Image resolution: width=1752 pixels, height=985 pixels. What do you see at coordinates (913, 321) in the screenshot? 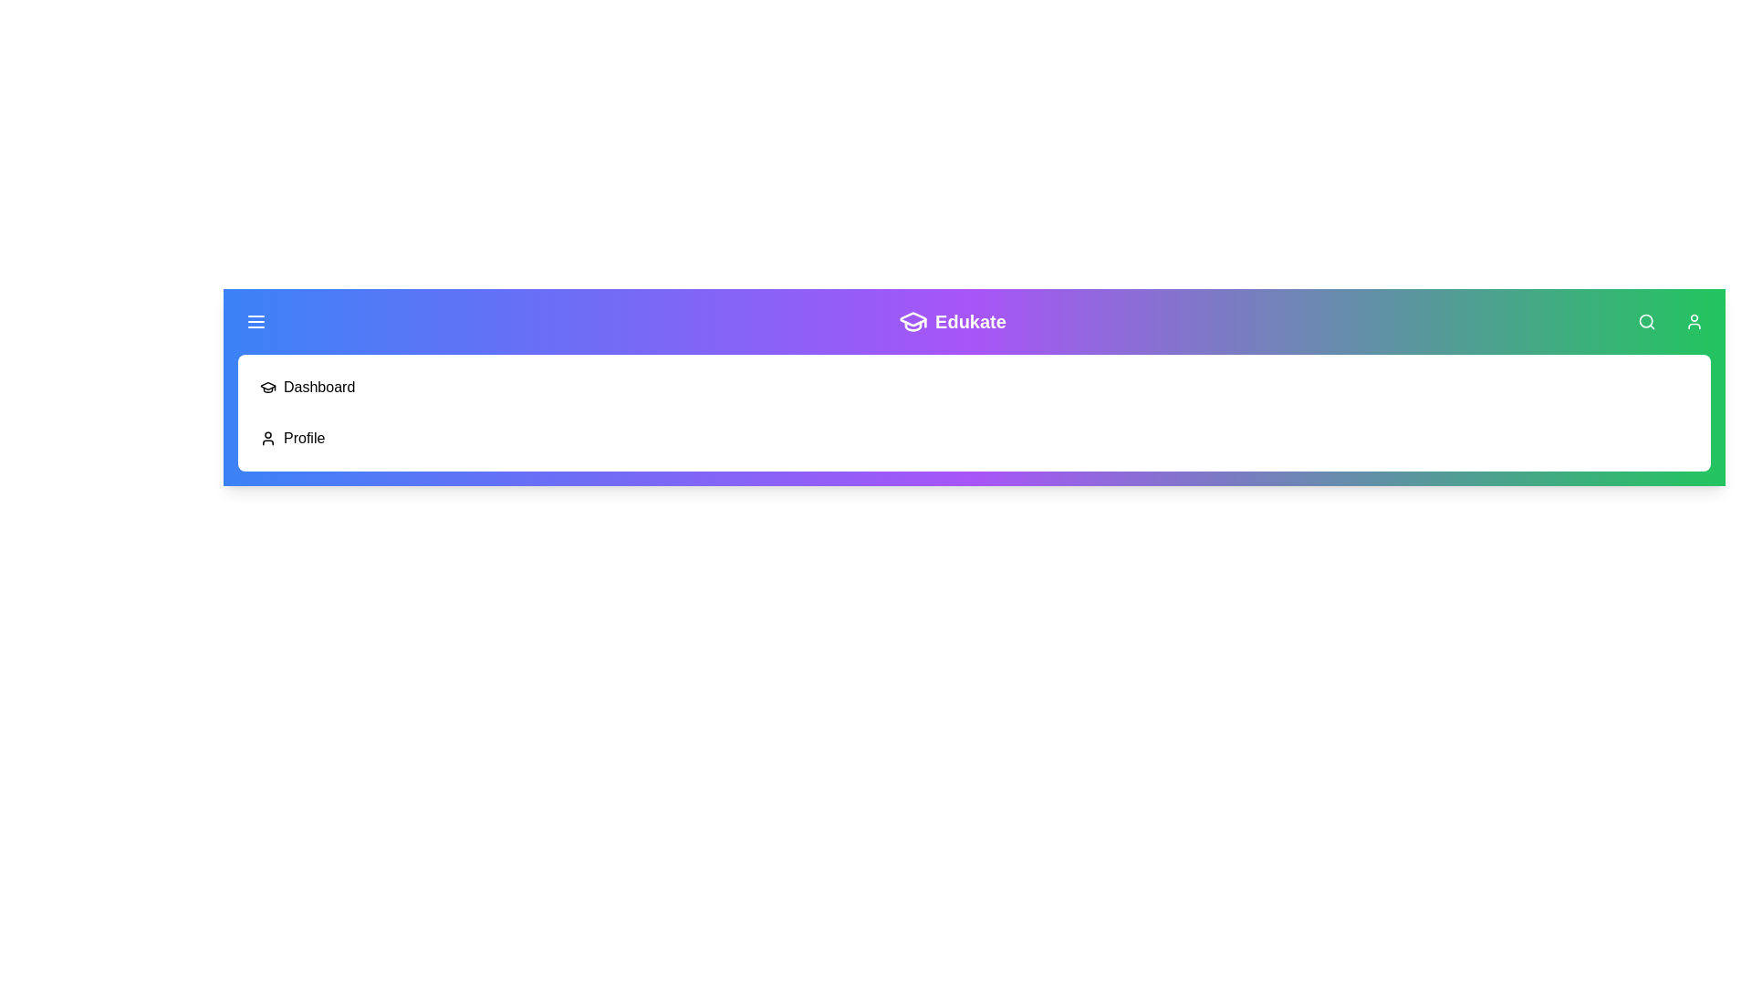
I see `the application logo to trigger its associated action` at bounding box center [913, 321].